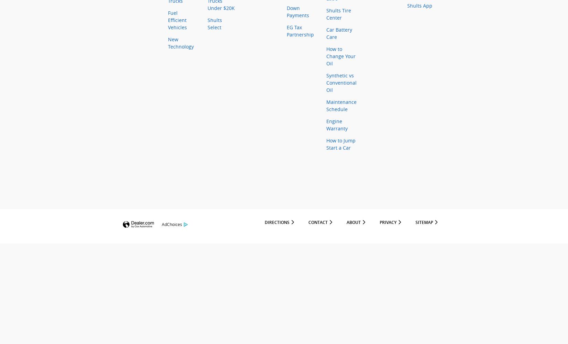 The width and height of the screenshot is (568, 344). What do you see at coordinates (300, 31) in the screenshot?
I see `'EG Tax Partnership'` at bounding box center [300, 31].